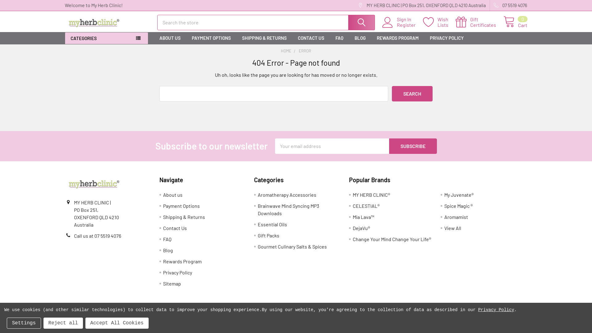 The width and height of the screenshot is (592, 333). What do you see at coordinates (489, 5) in the screenshot?
I see `'07 5519 4076'` at bounding box center [489, 5].